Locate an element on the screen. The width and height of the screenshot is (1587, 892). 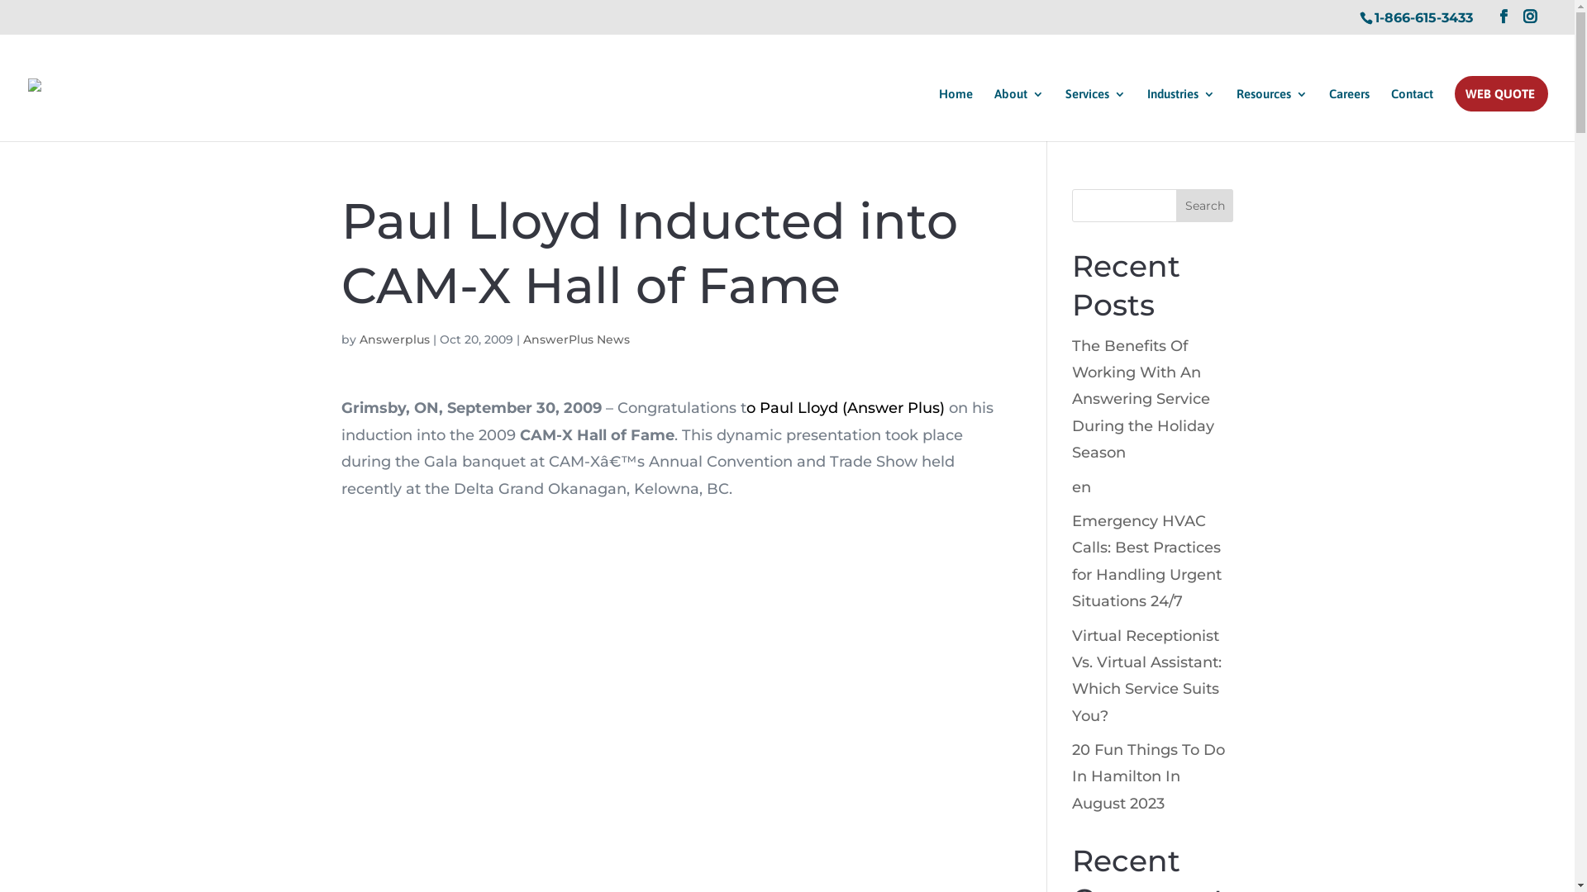
'20 Fun Things To Do In Hamilton In August 2023' is located at coordinates (1147, 776).